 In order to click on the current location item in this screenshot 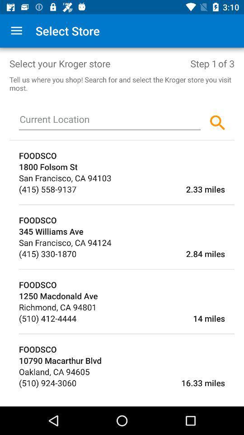, I will do `click(110, 121)`.